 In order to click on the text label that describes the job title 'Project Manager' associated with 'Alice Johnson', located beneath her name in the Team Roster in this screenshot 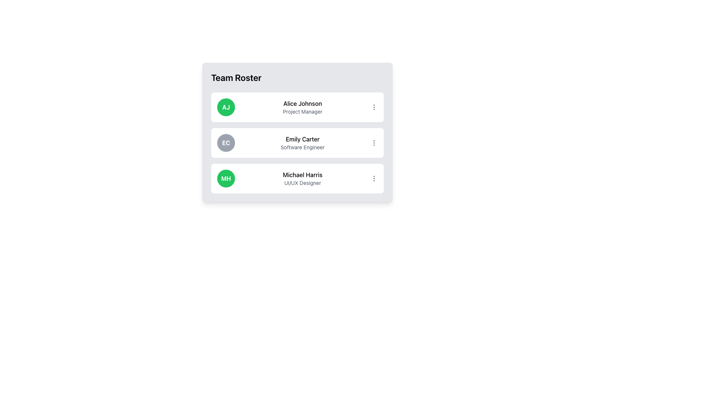, I will do `click(303, 111)`.